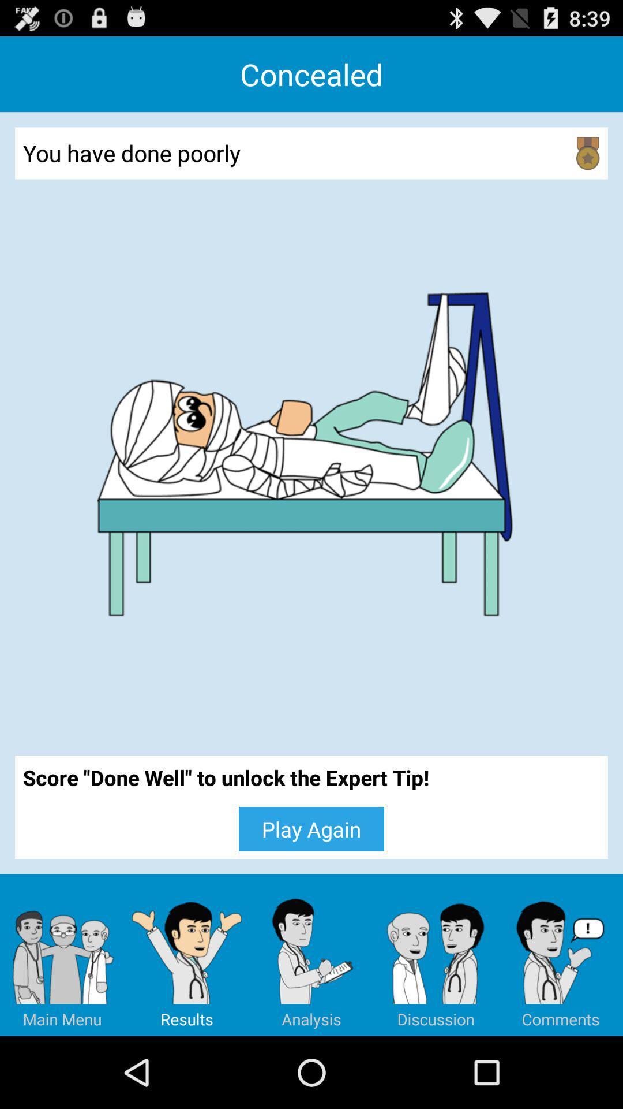 This screenshot has height=1109, width=623. Describe the element at coordinates (436, 955) in the screenshot. I see `the icon below play again icon` at that location.